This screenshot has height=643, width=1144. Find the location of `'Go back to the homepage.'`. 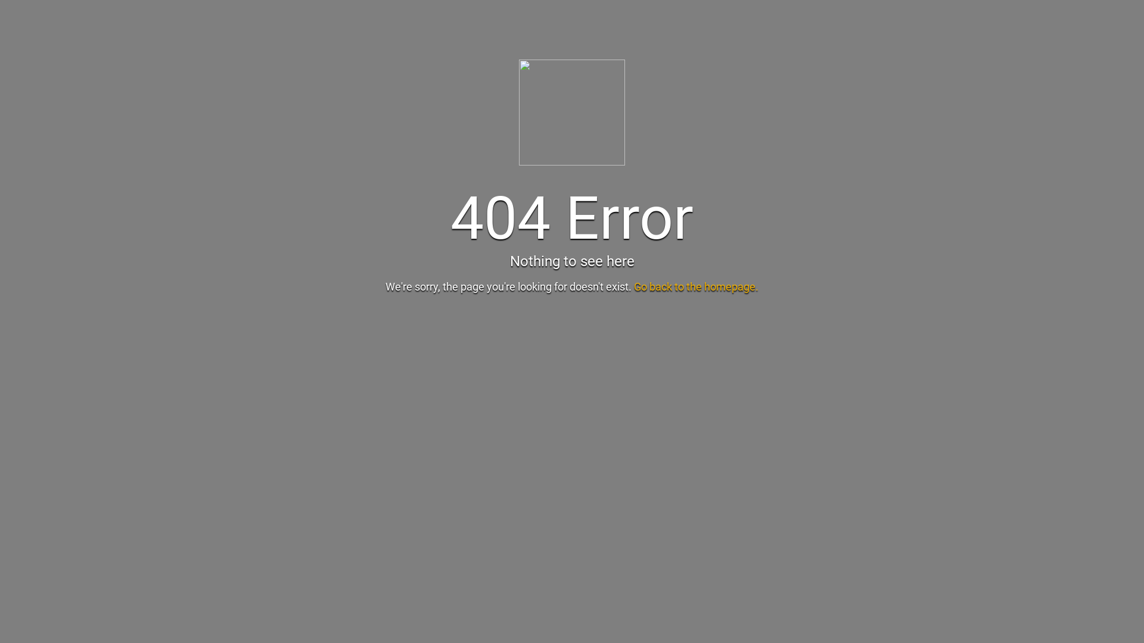

'Go back to the homepage.' is located at coordinates (696, 286).